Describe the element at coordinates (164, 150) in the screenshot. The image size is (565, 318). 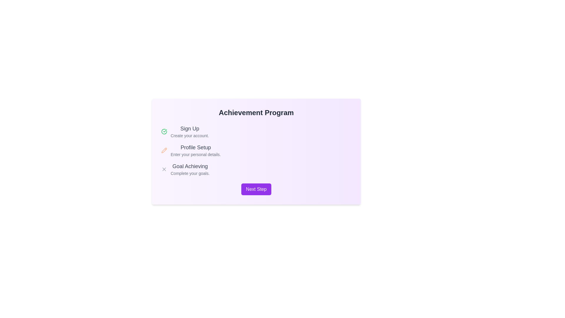
I see `the animation effect of the 'Profile Setup' icon, which is located to the left of the text 'Profile Setup' and 'Enter your personal details.'` at that location.